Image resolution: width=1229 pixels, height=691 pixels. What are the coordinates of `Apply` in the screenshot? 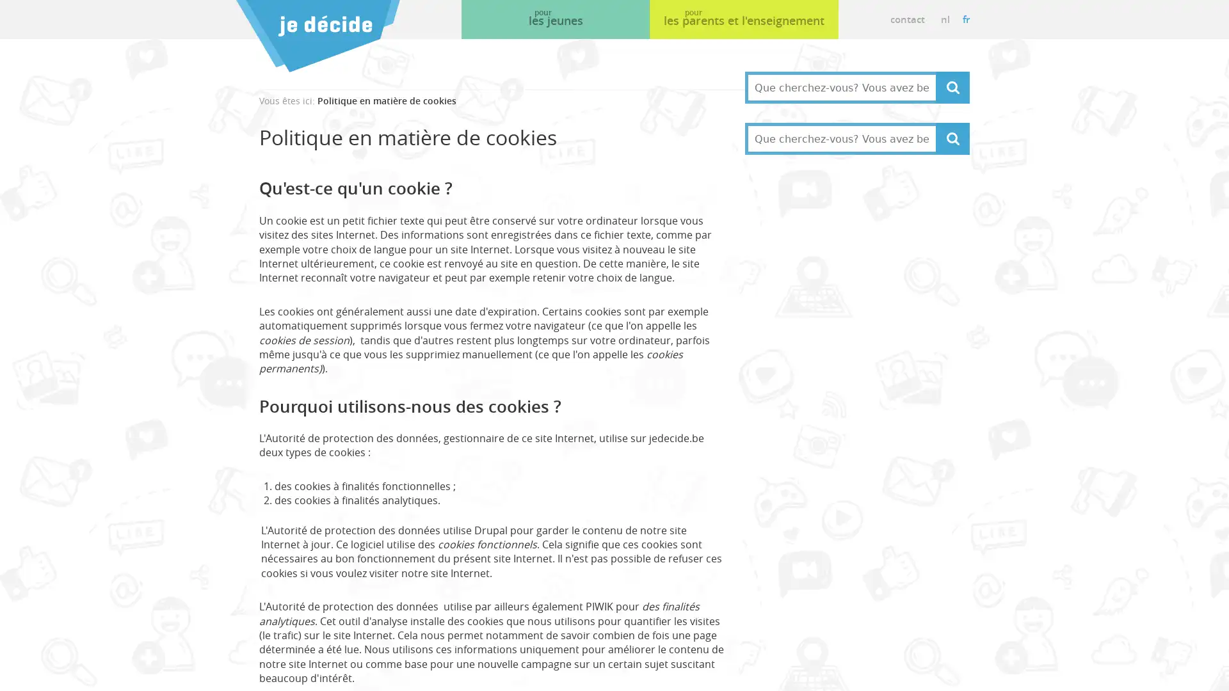 It's located at (952, 87).